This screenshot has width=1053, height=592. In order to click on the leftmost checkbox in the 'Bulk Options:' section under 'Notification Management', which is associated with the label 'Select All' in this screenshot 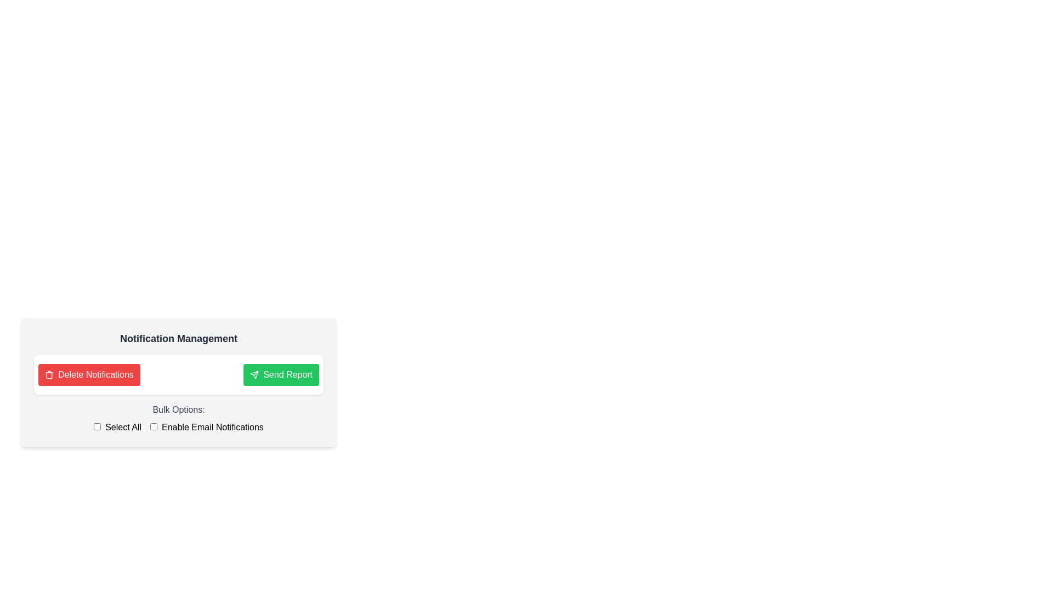, I will do `click(97, 426)`.